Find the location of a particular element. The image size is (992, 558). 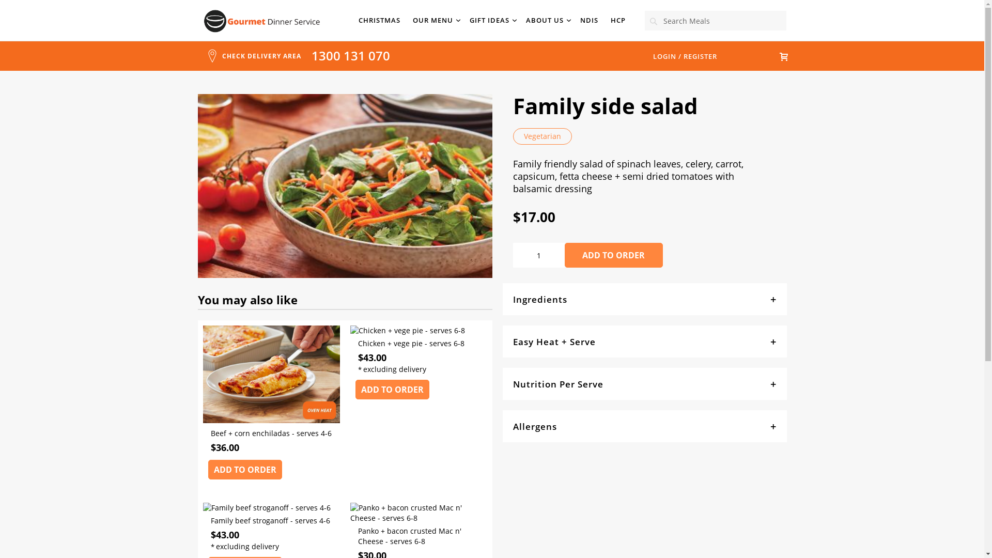

'NDIS' is located at coordinates (589, 20).